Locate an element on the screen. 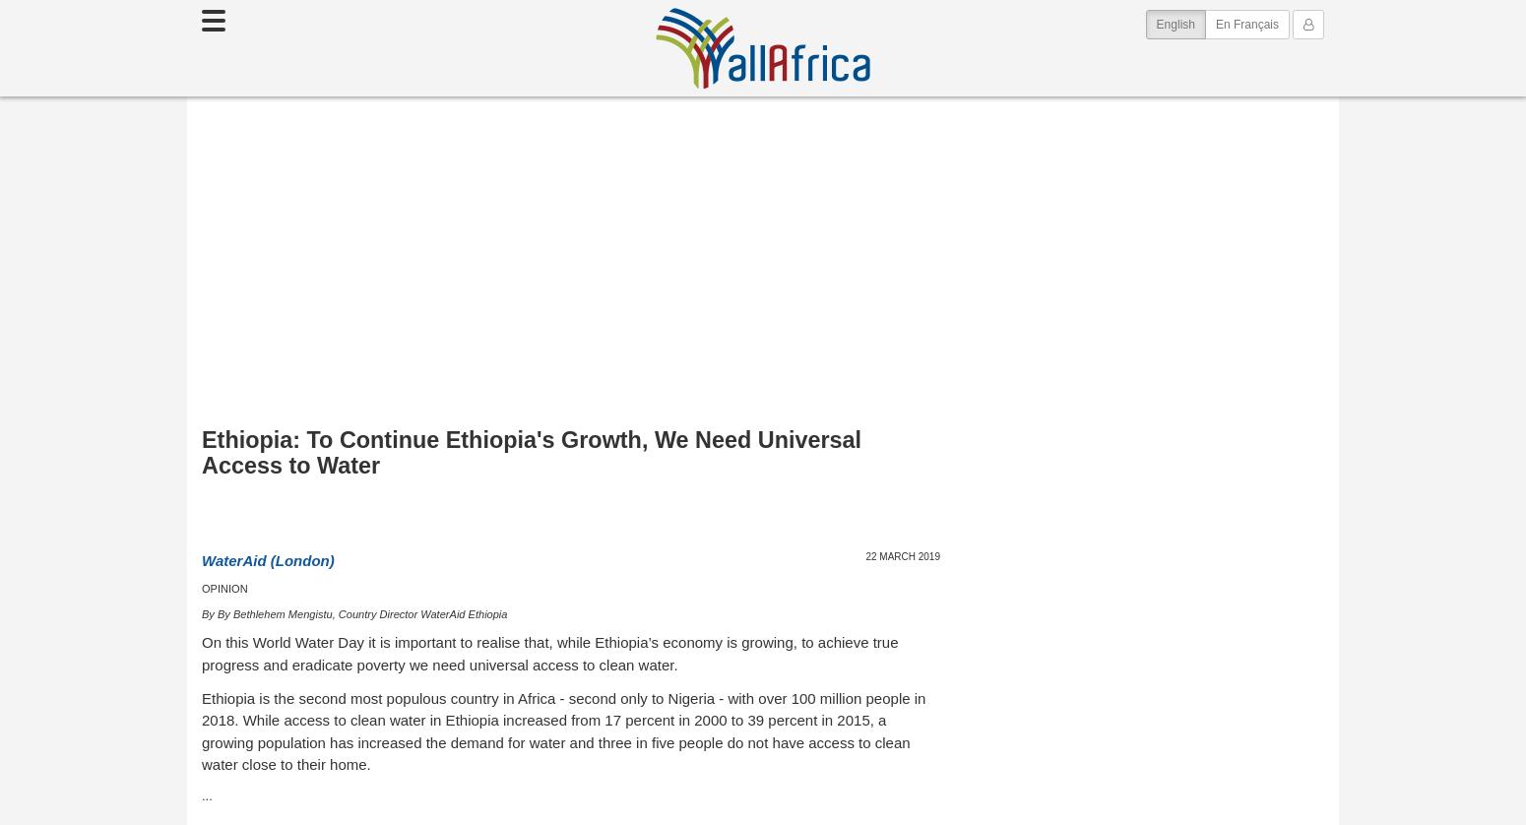 This screenshot has height=825, width=1526. 'Ethiopia: To Continue Ethiopia's Growth, We Need Universal Access to Water' is located at coordinates (531, 452).